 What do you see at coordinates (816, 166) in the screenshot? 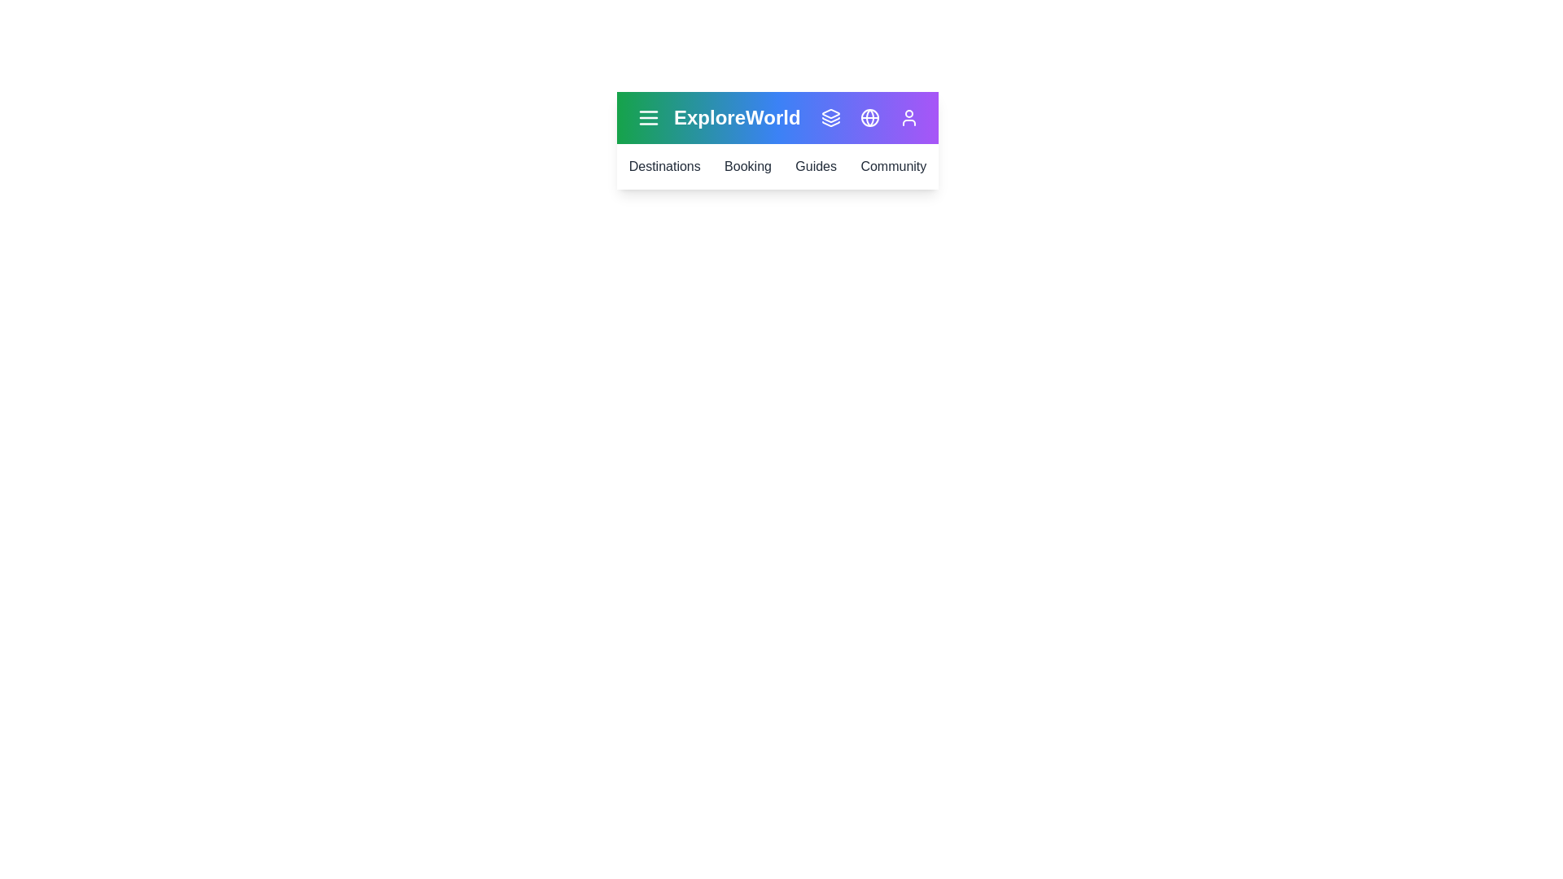
I see `the link corresponding to the section Guides` at bounding box center [816, 166].